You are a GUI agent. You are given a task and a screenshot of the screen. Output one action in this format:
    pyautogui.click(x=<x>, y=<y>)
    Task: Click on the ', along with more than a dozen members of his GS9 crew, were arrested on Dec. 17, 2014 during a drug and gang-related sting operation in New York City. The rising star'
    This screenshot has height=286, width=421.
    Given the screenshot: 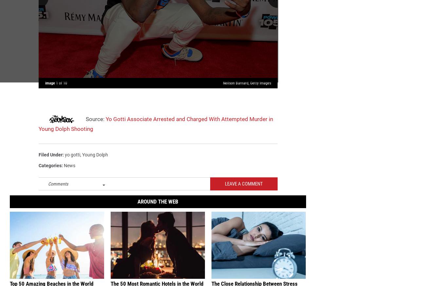 What is the action you would take?
    pyautogui.click(x=157, y=240)
    